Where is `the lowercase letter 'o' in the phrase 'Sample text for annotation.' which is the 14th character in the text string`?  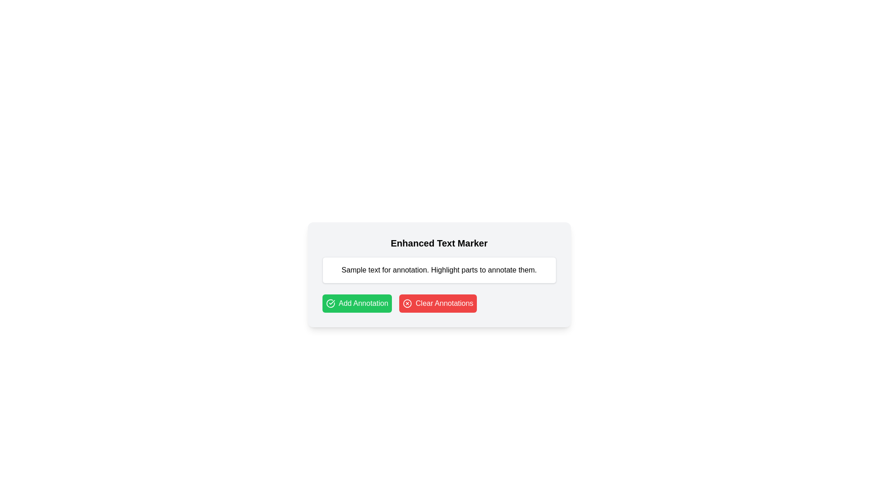 the lowercase letter 'o' in the phrase 'Sample text for annotation.' which is the 14th character in the text string is located at coordinates (386, 269).